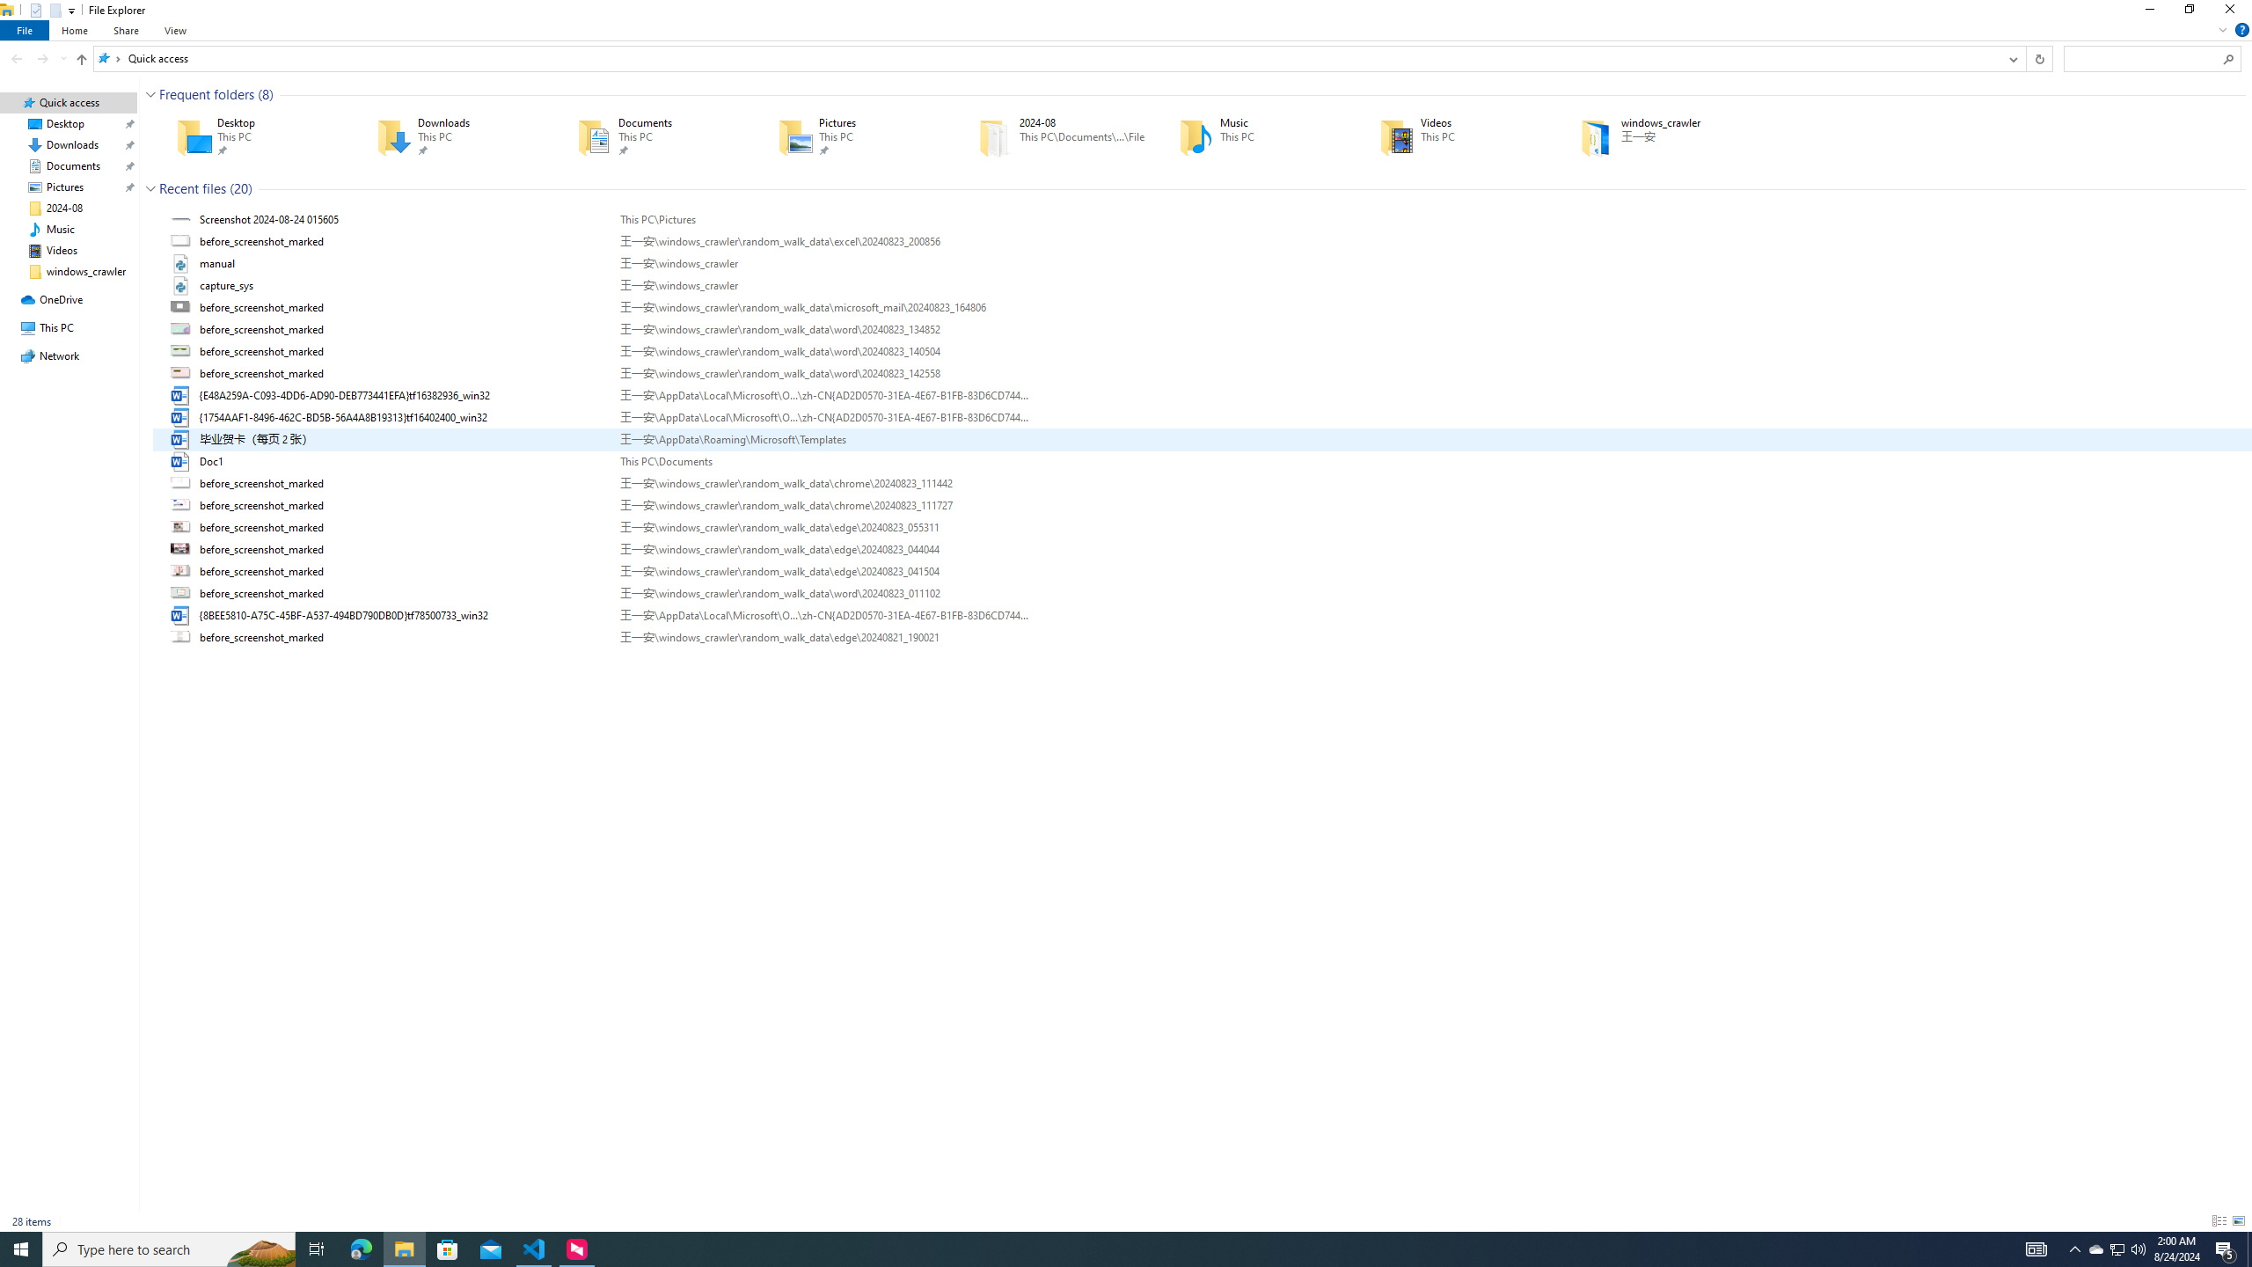 The width and height of the screenshot is (2252, 1267). Describe the element at coordinates (1253, 135) in the screenshot. I see `'Music'` at that location.